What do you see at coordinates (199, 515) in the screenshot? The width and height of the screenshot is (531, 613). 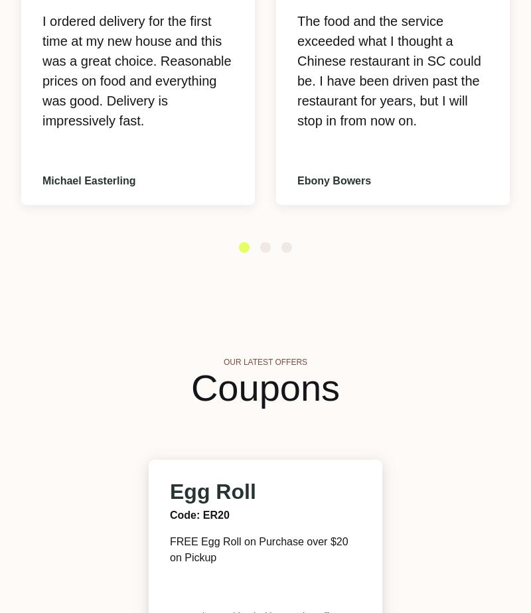 I see `'Code: ER20'` at bounding box center [199, 515].